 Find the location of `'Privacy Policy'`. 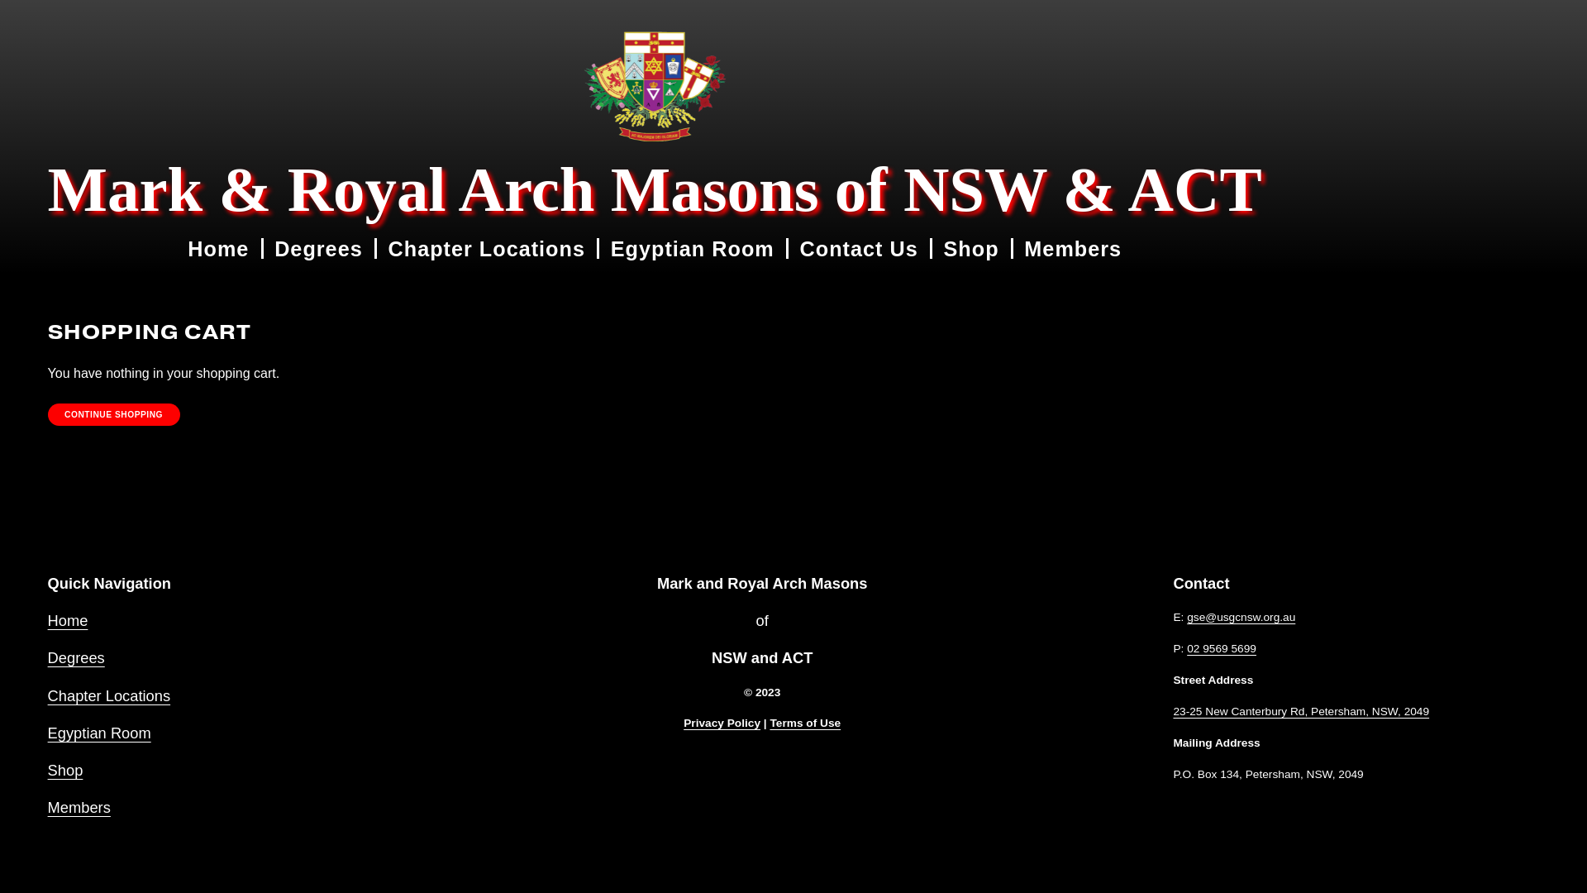

'Privacy Policy' is located at coordinates (722, 723).